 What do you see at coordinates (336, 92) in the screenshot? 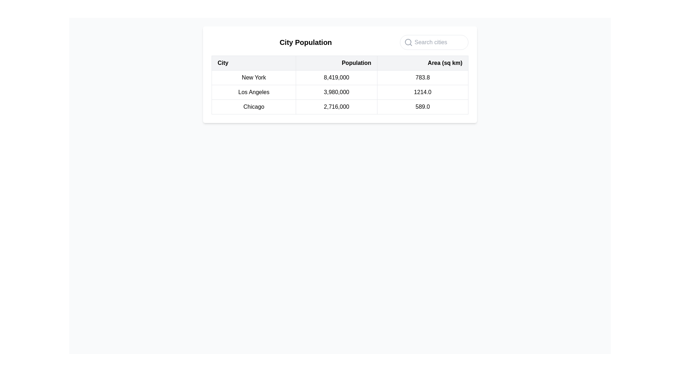
I see `the static text displaying the value '3,980,000' in the second row, second column of the 'City Population' table` at bounding box center [336, 92].